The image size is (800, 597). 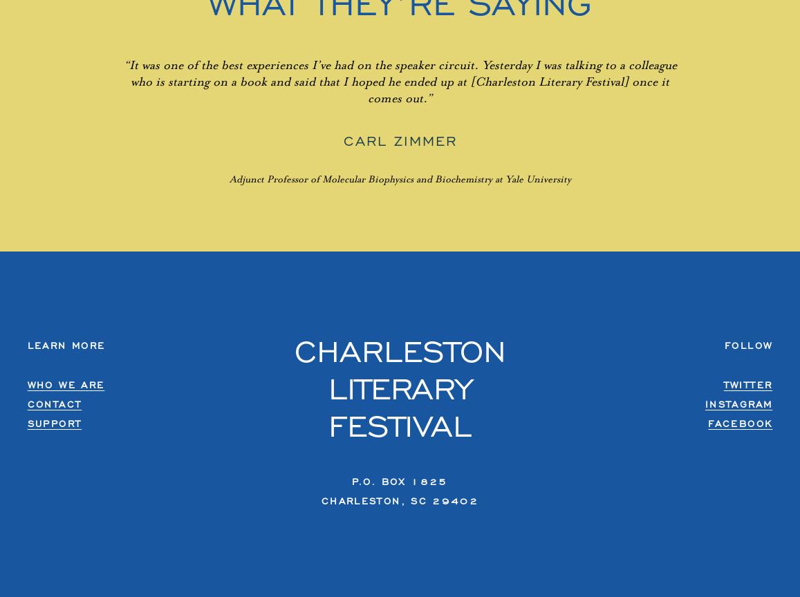 I want to click on 'Charleston, SC 29402', so click(x=320, y=500).